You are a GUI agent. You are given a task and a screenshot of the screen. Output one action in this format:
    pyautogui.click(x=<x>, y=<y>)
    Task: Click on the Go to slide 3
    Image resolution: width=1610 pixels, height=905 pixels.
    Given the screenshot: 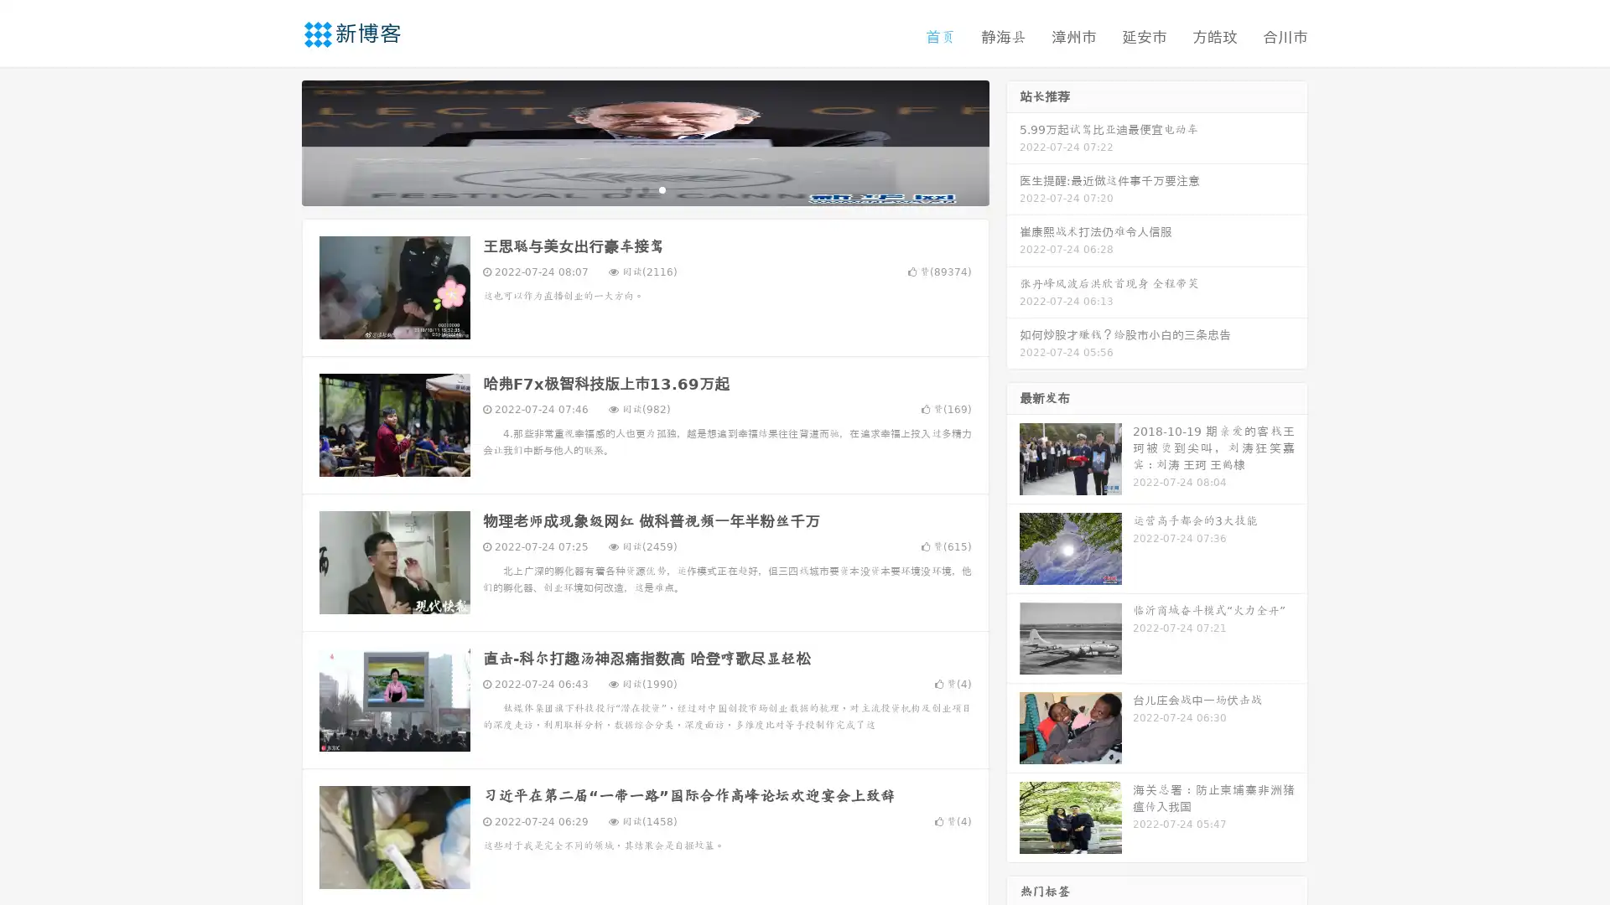 What is the action you would take?
    pyautogui.click(x=662, y=189)
    